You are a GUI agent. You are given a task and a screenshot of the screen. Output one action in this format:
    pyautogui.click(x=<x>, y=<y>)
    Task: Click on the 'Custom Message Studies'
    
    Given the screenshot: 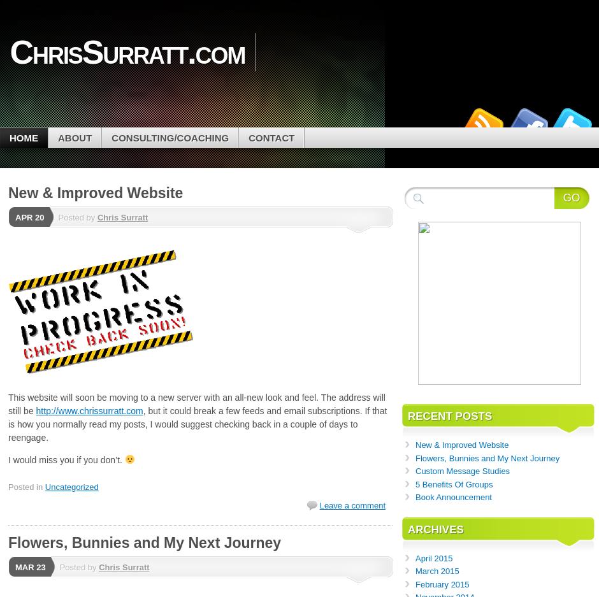 What is the action you would take?
    pyautogui.click(x=462, y=470)
    